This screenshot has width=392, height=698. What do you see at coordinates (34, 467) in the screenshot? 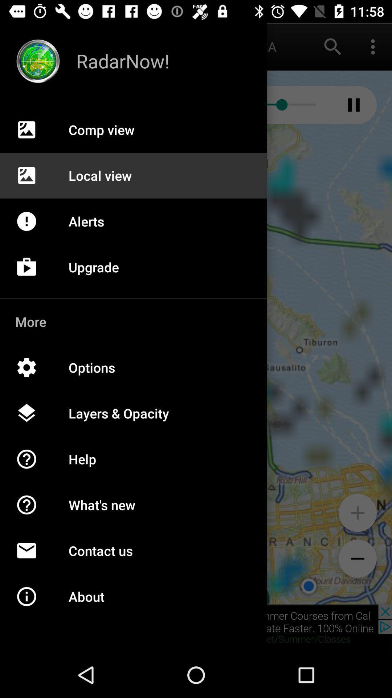
I see `the help icon` at bounding box center [34, 467].